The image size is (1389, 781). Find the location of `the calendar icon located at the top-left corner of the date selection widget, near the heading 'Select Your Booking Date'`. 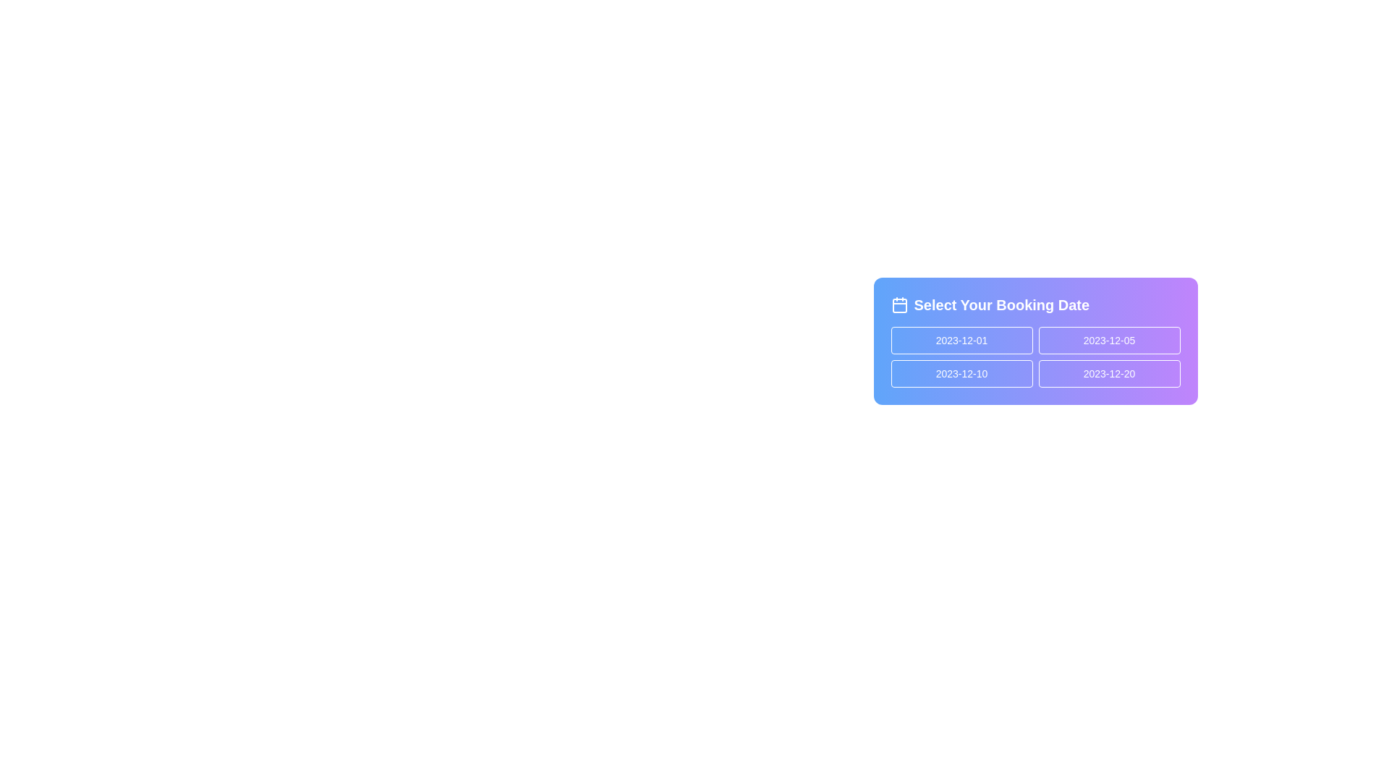

the calendar icon located at the top-left corner of the date selection widget, near the heading 'Select Your Booking Date' is located at coordinates (899, 305).